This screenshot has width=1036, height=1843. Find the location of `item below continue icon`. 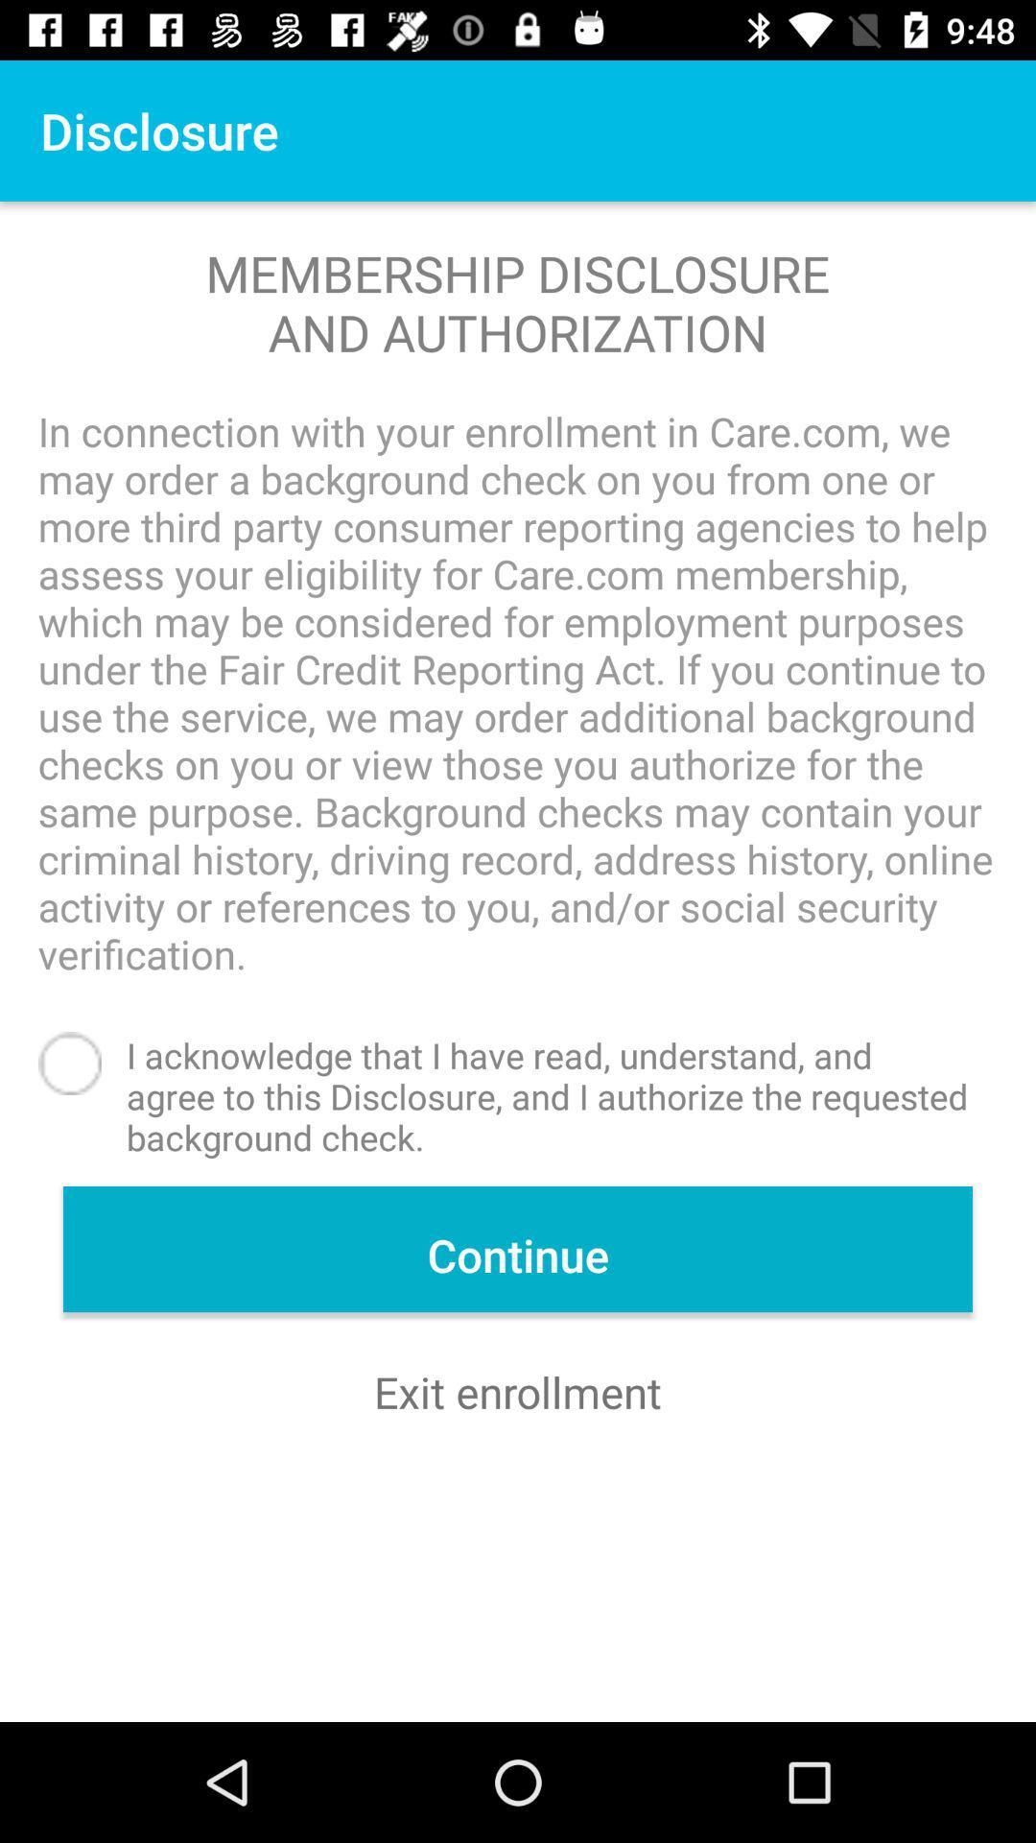

item below continue icon is located at coordinates (518, 1392).